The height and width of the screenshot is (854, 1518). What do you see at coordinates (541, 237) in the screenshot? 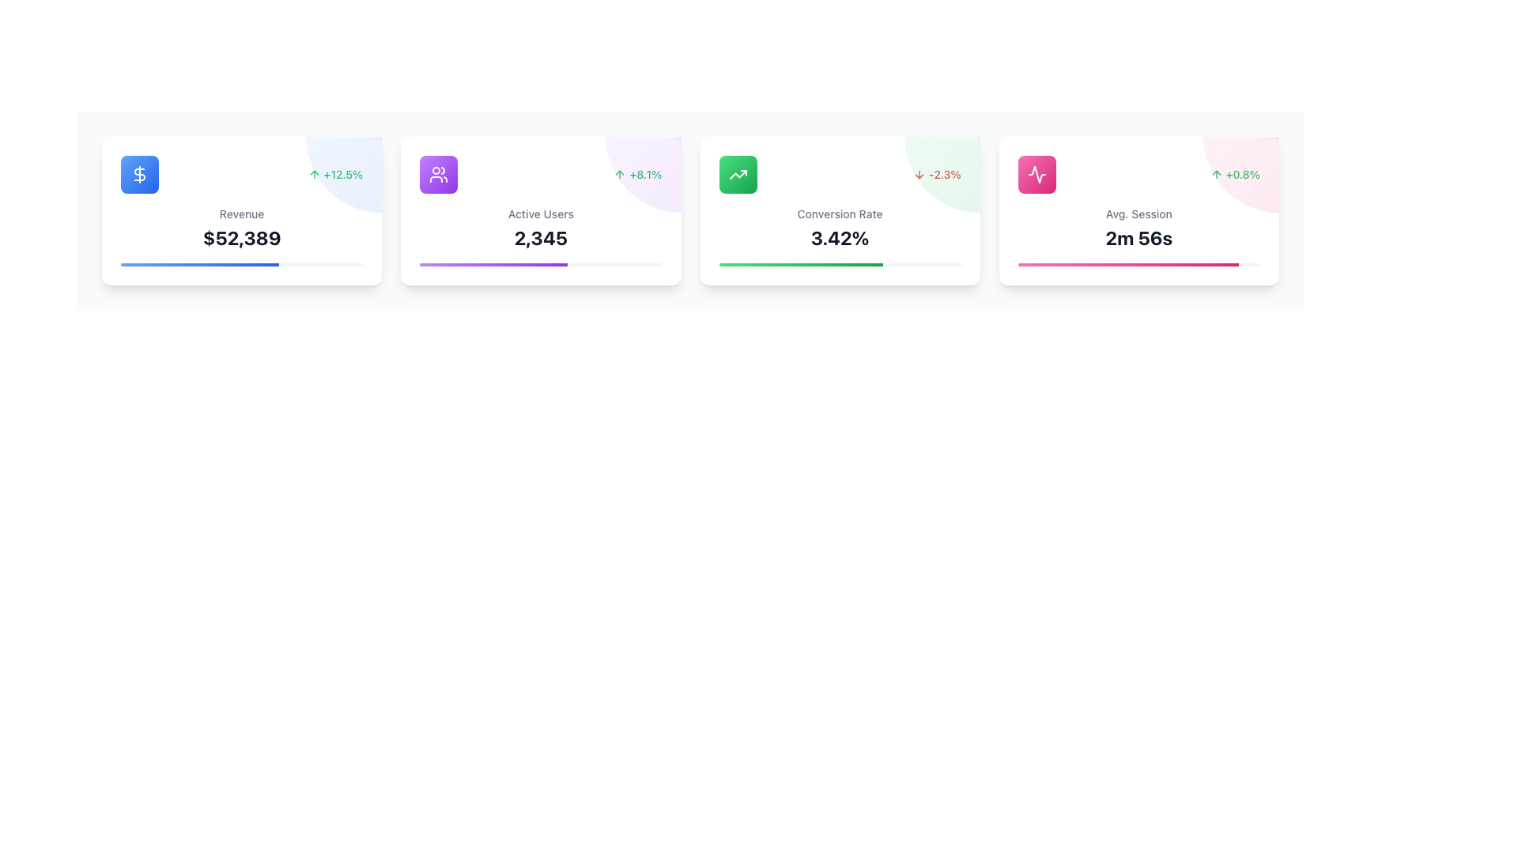
I see `the static numerical text display showing '2,345', which is located in the second card from the left, below 'Active Users' and above a purple gradient progress bar` at bounding box center [541, 237].